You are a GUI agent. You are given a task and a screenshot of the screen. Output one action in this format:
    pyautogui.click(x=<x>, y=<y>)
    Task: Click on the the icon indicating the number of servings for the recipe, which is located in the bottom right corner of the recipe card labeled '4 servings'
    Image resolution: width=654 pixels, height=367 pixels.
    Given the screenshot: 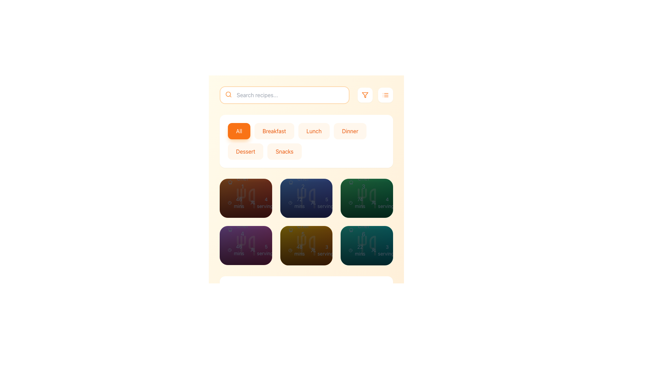 What is the action you would take?
    pyautogui.click(x=373, y=203)
    